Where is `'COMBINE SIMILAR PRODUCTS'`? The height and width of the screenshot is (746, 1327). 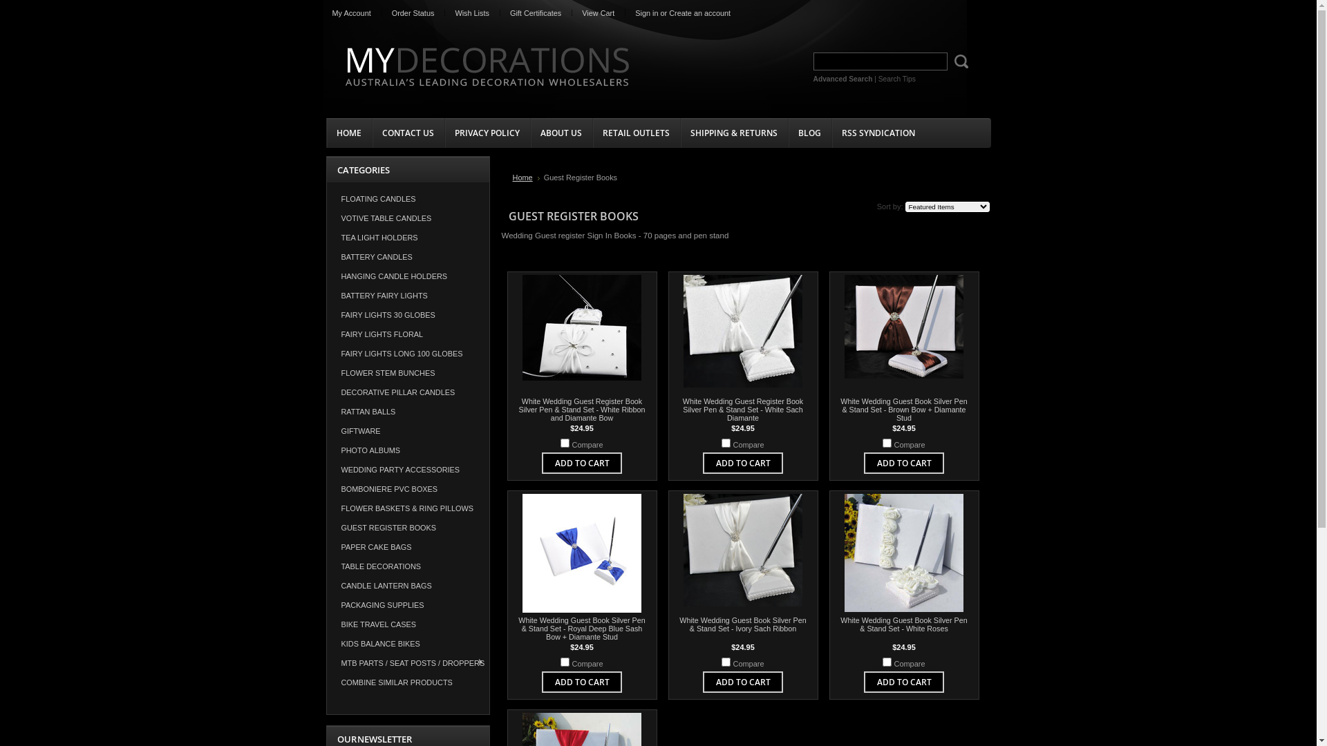
'COMBINE SIMILAR PRODUCTS' is located at coordinates (407, 681).